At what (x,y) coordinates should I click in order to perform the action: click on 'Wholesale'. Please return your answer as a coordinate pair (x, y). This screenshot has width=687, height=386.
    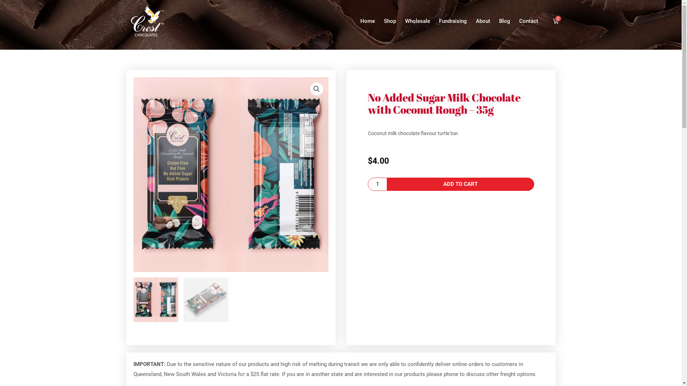
    Looking at the image, I should click on (405, 20).